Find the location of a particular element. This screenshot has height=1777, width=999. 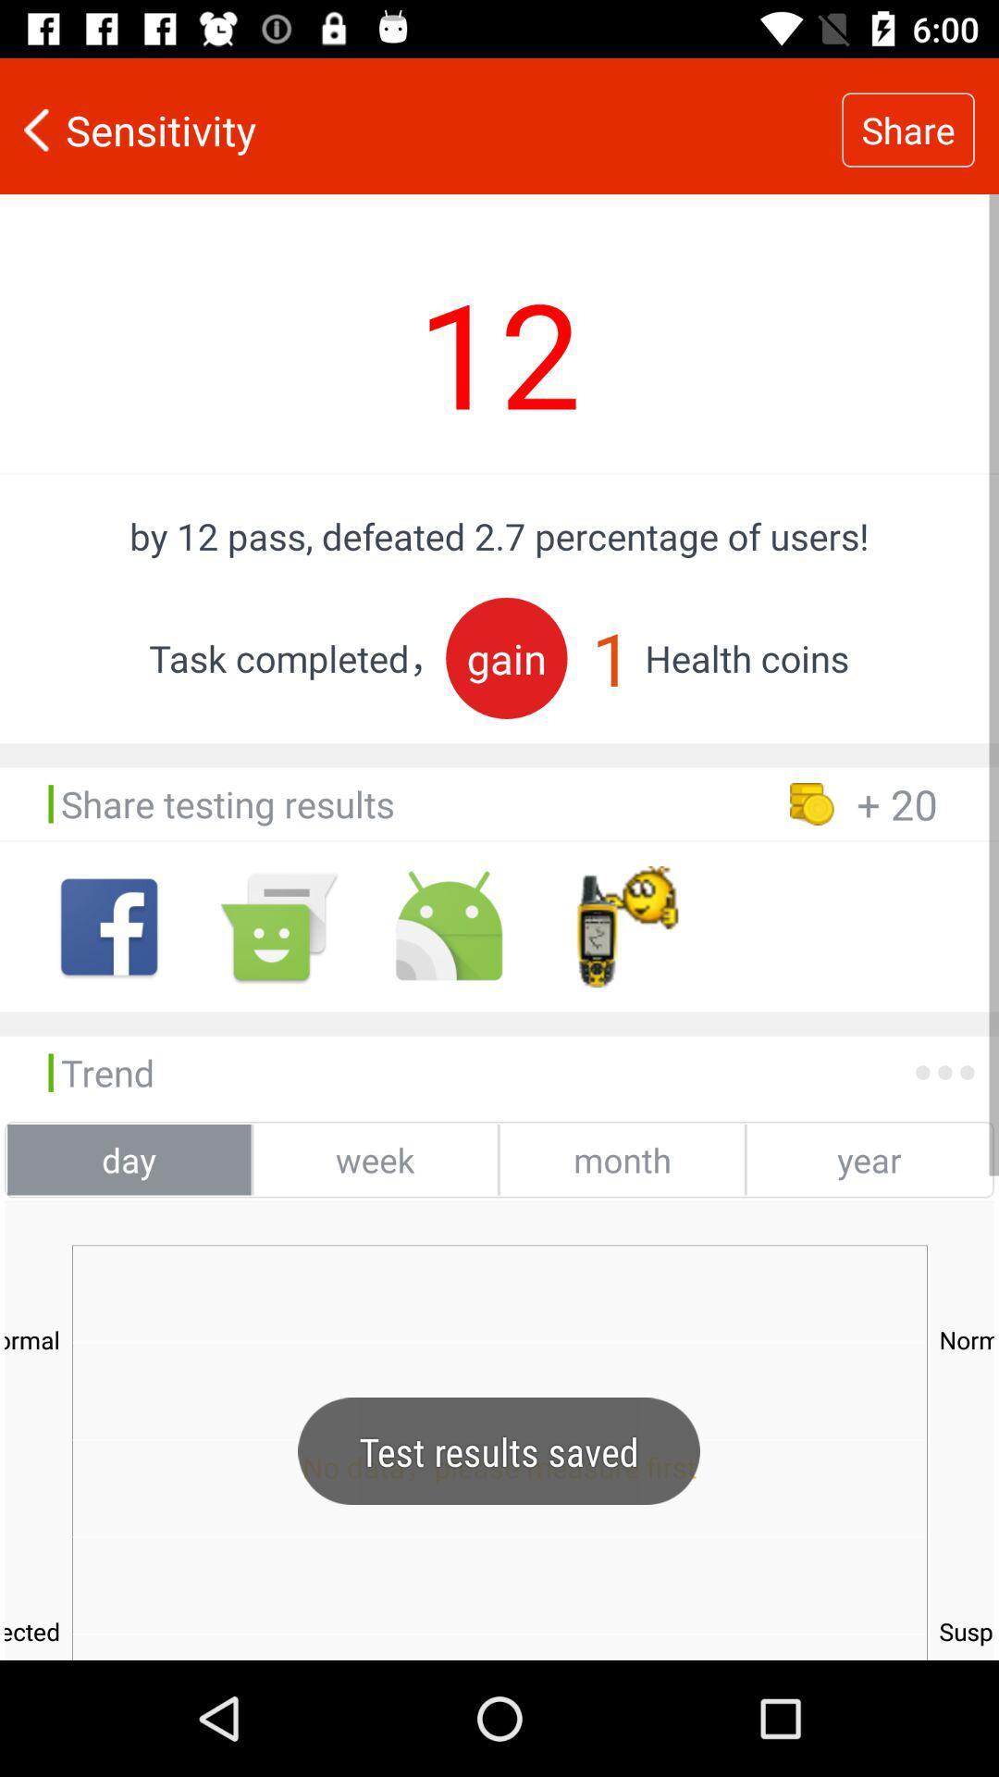

the button on left to the text 1 on the web page is located at coordinates (506, 658).